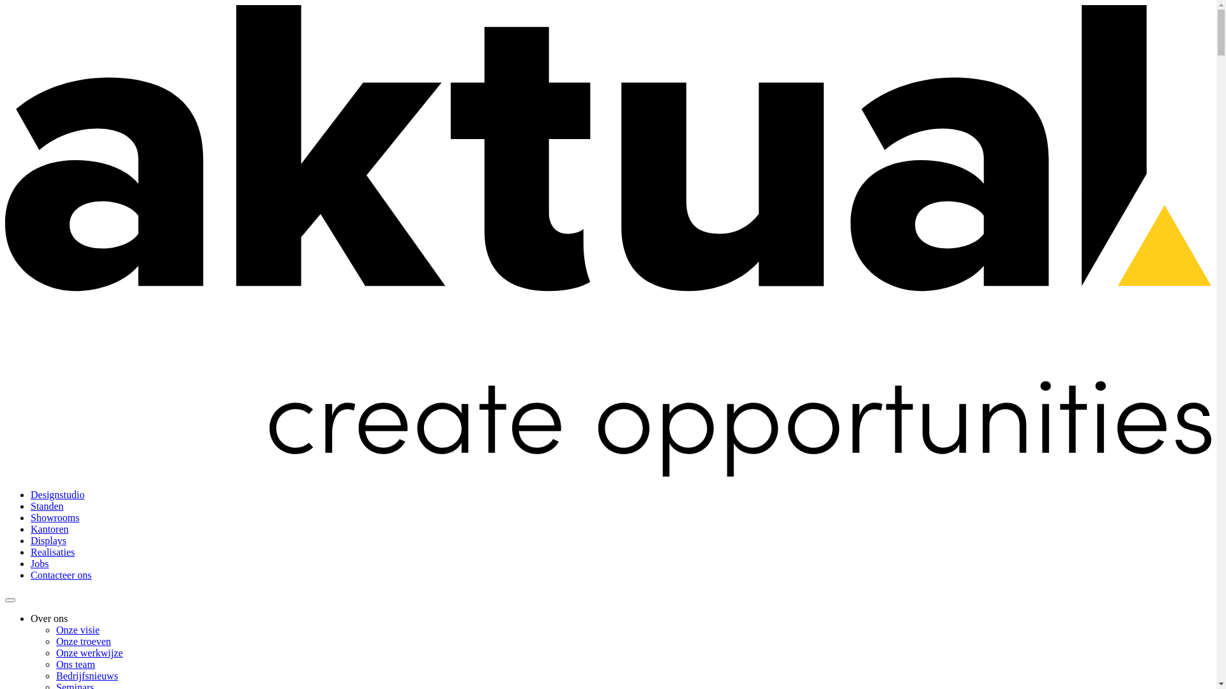 The height and width of the screenshot is (689, 1226). I want to click on 'Onze visie', so click(77, 629).